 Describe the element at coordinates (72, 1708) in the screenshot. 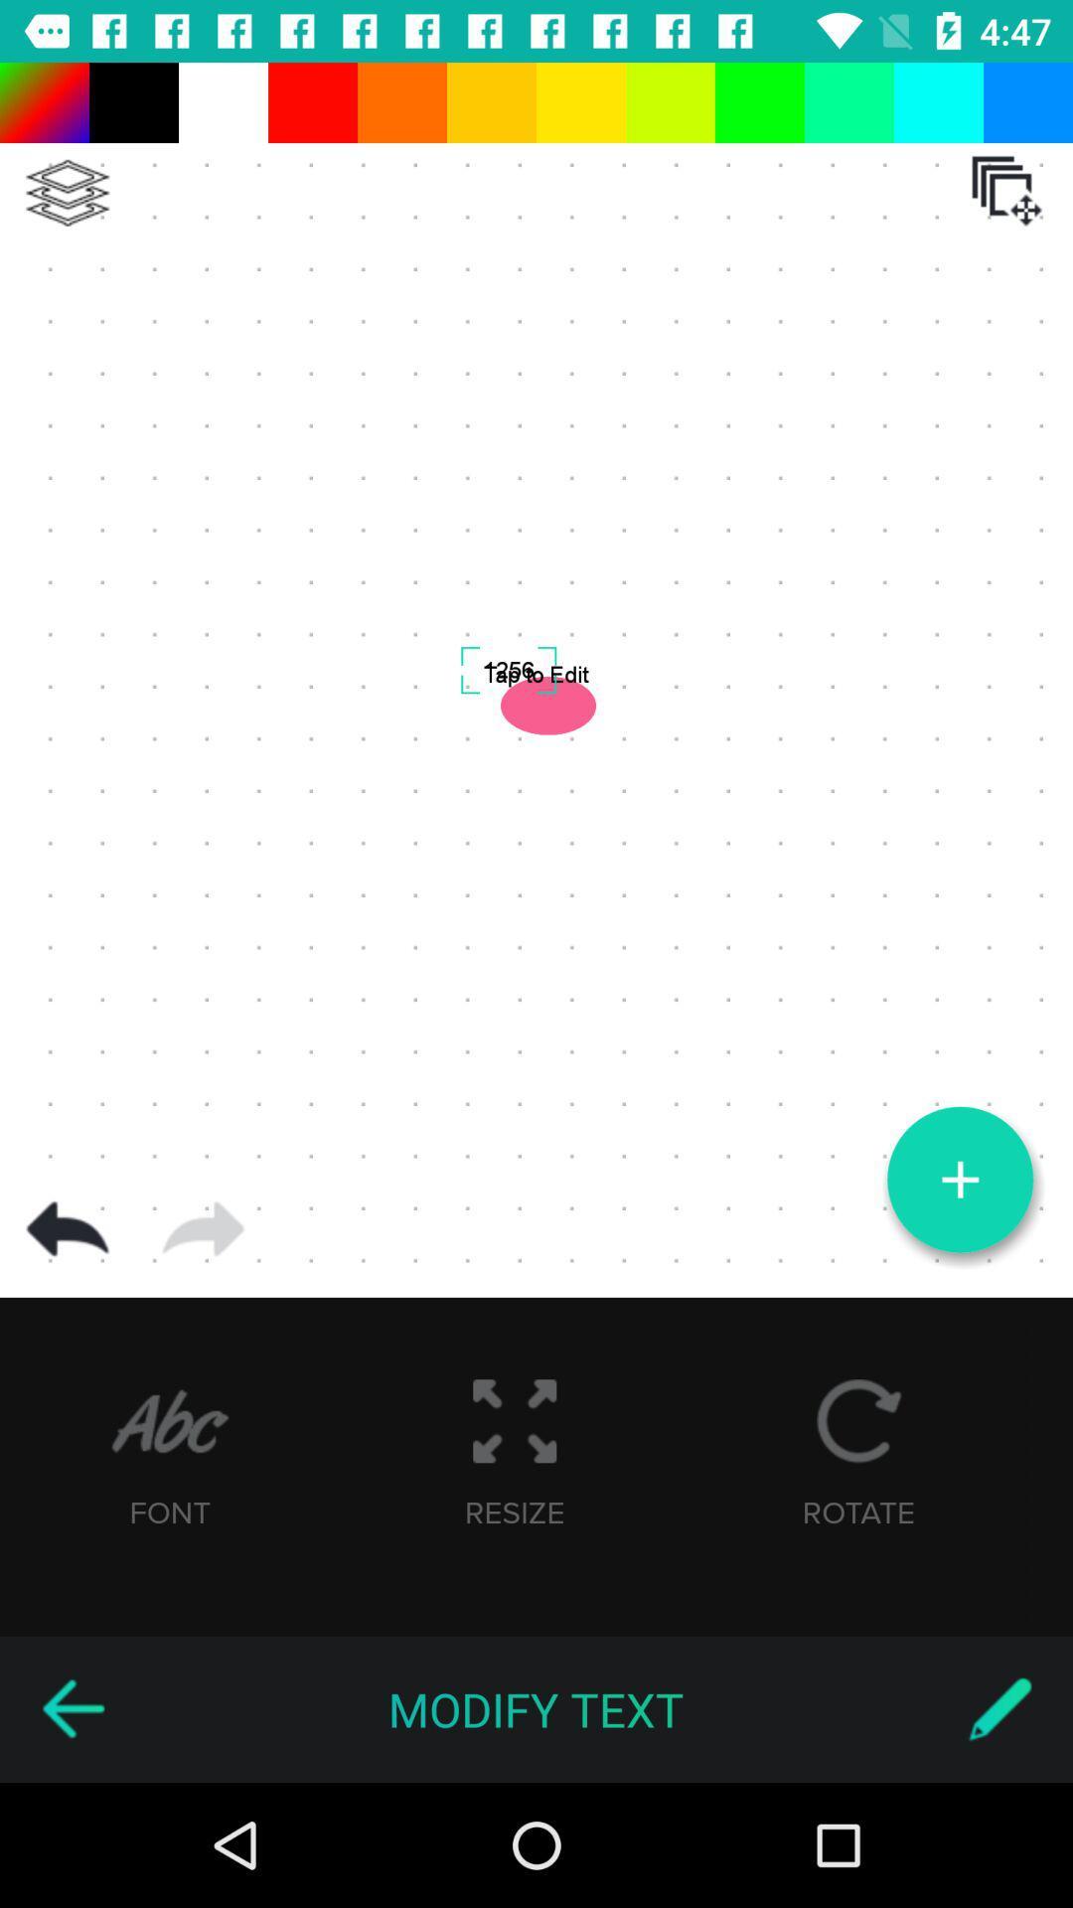

I see `go back` at that location.